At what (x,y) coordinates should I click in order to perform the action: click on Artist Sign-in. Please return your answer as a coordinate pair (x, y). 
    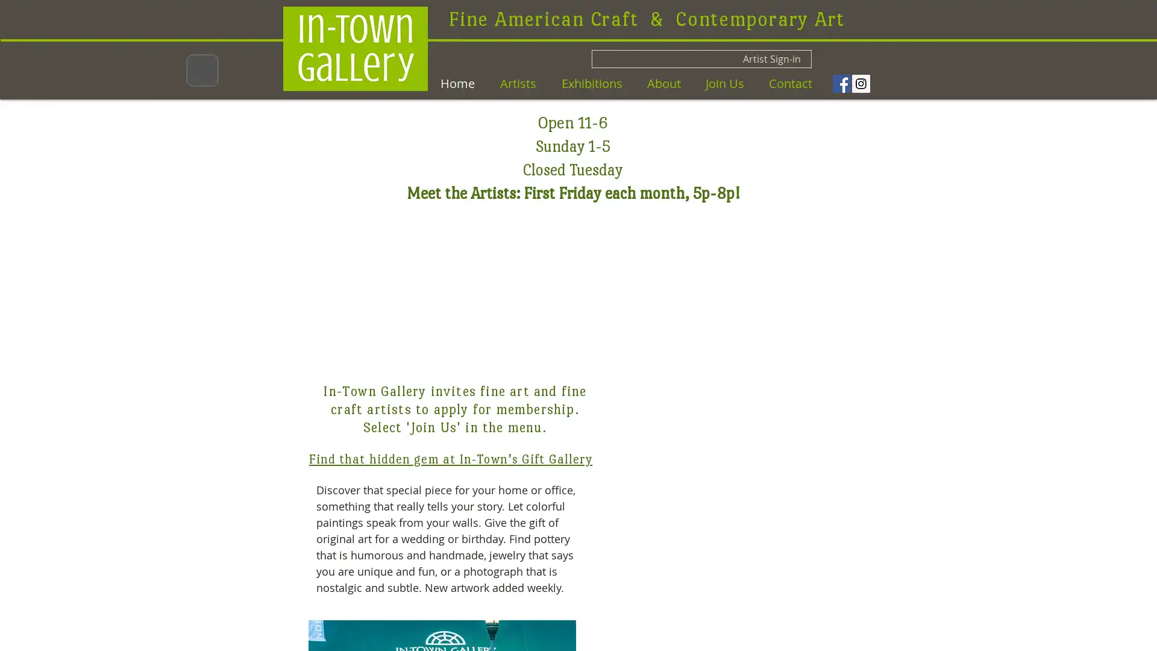
    Looking at the image, I should click on (701, 58).